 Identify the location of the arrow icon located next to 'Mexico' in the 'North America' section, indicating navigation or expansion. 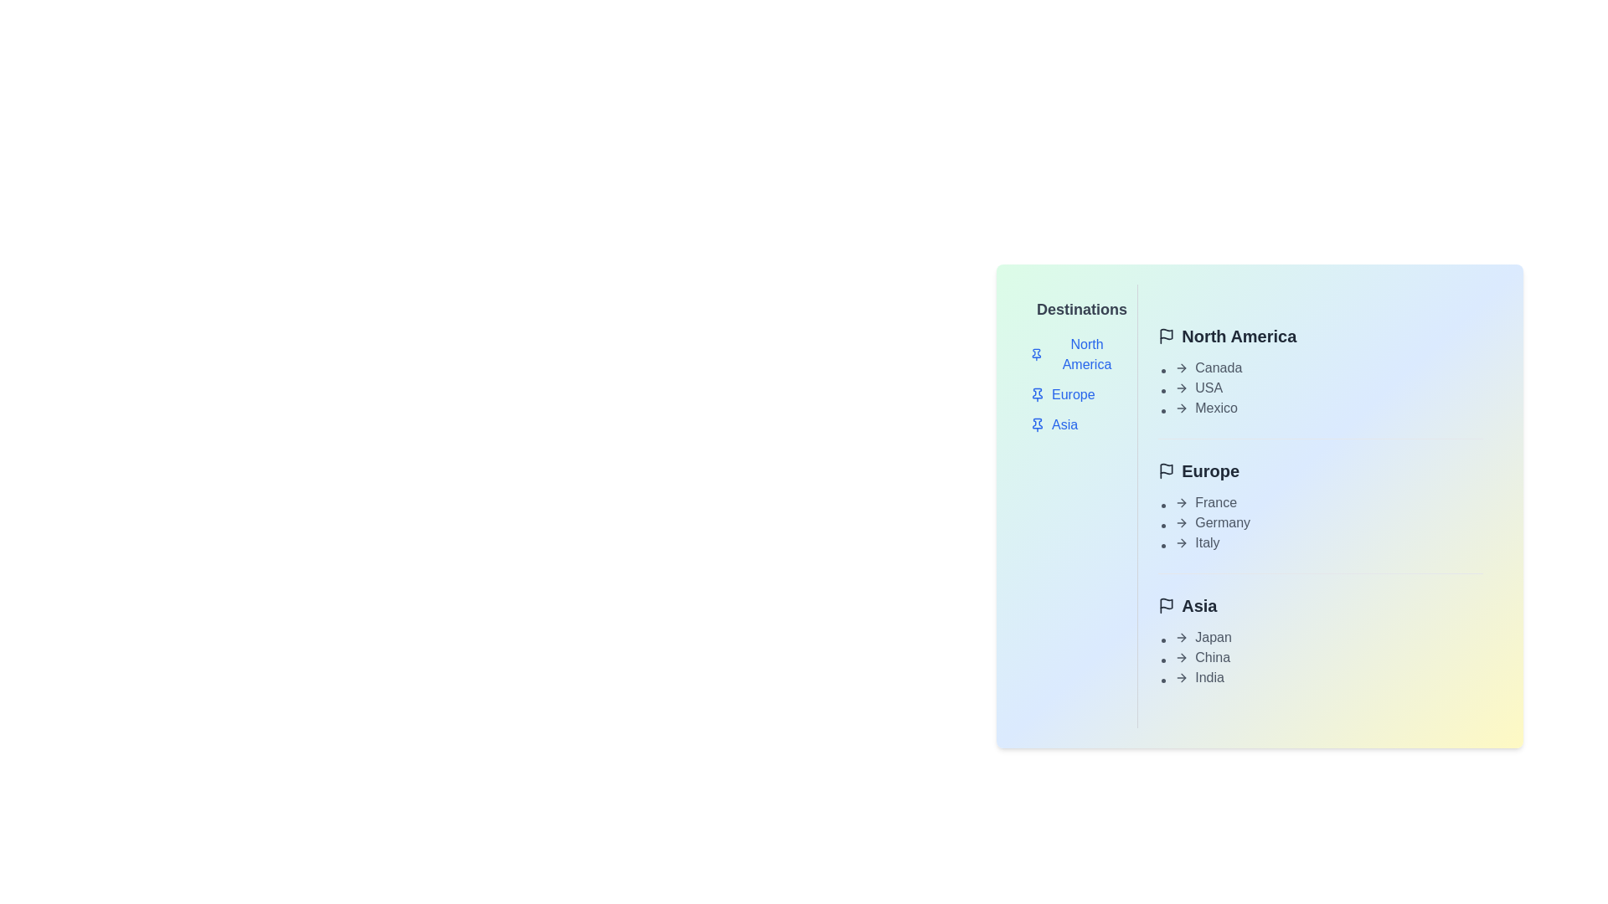
(1183, 408).